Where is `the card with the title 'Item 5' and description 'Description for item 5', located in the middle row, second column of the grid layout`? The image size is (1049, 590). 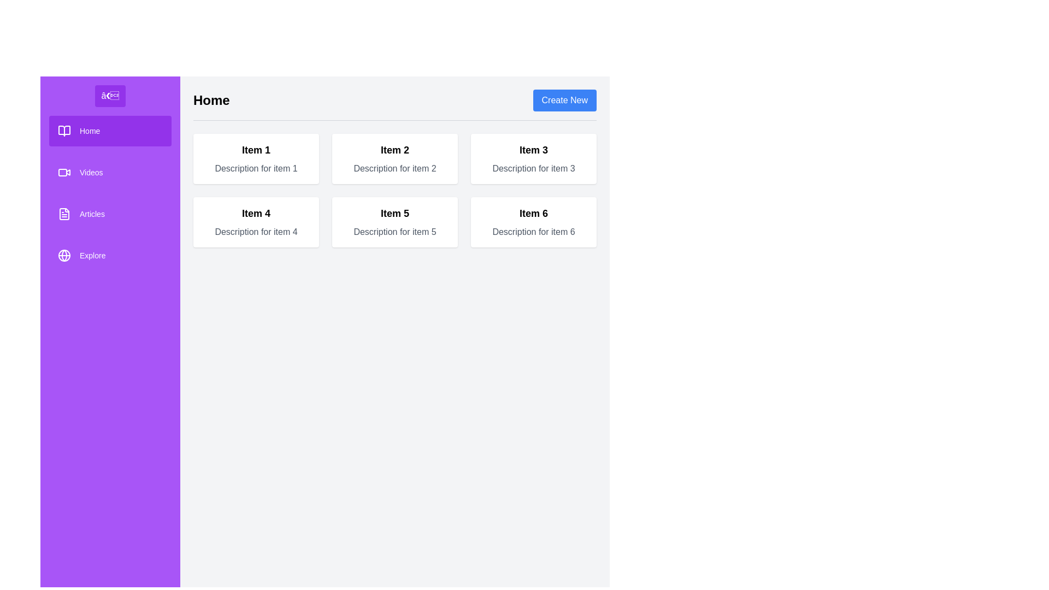
the card with the title 'Item 5' and description 'Description for item 5', located in the middle row, second column of the grid layout is located at coordinates (394, 222).